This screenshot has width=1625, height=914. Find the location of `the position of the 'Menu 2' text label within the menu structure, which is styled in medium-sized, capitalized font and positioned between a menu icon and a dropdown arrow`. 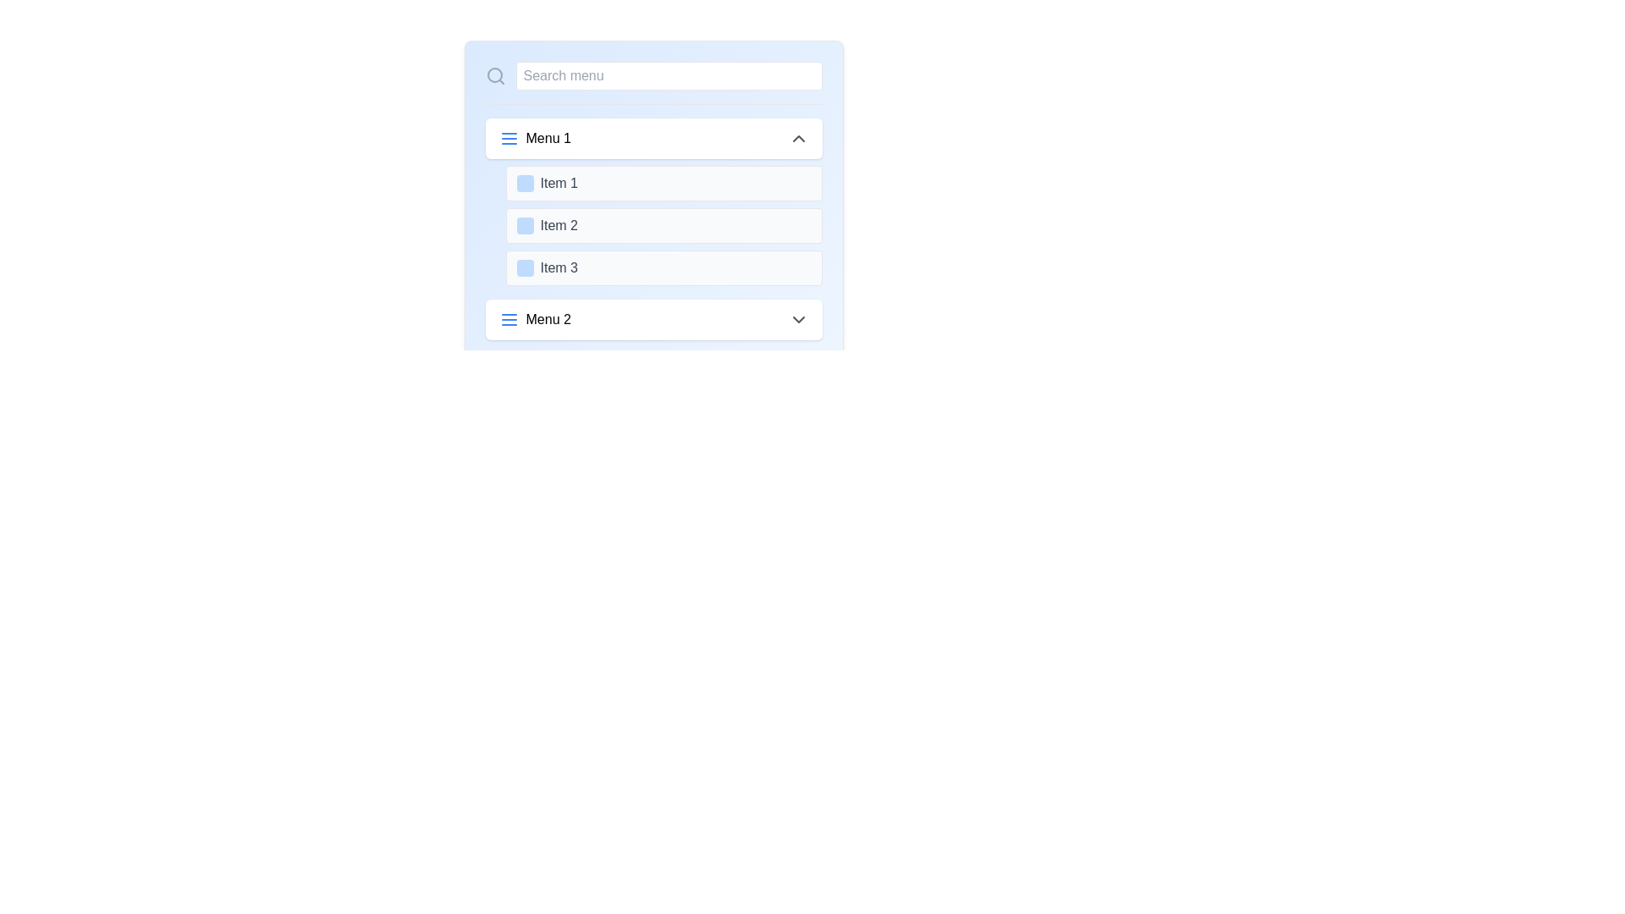

the position of the 'Menu 2' text label within the menu structure, which is styled in medium-sized, capitalized font and positioned between a menu icon and a dropdown arrow is located at coordinates (548, 320).